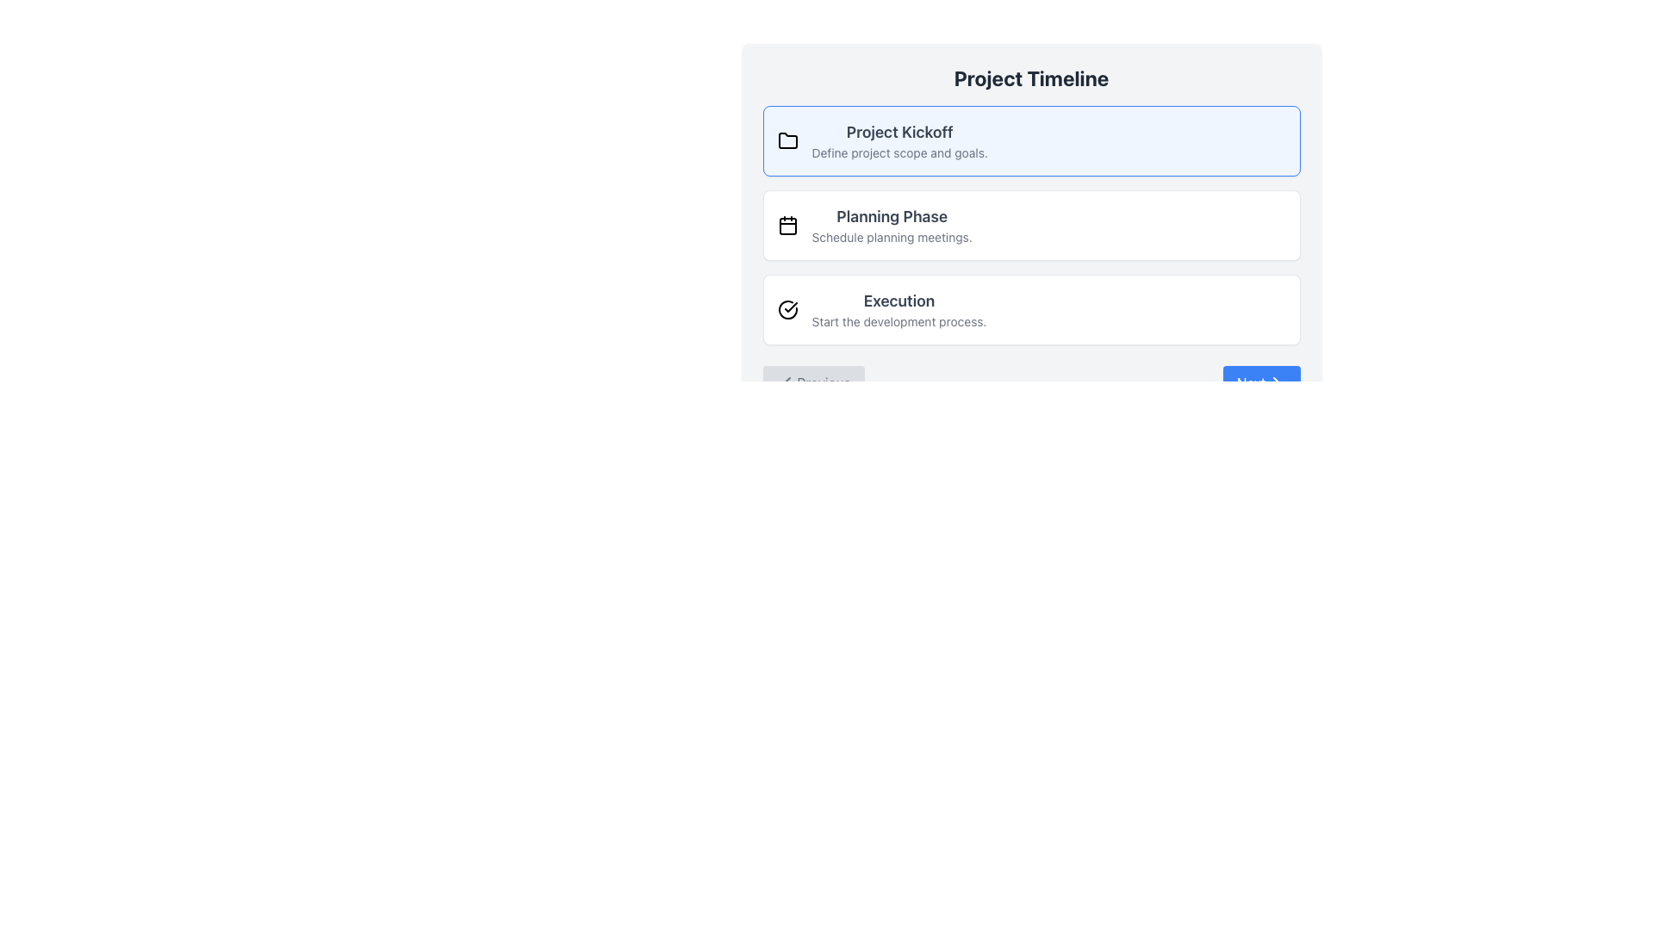 The width and height of the screenshot is (1654, 930). Describe the element at coordinates (789, 307) in the screenshot. I see `the checkmark icon that indicates the status or type of the Execution phase within the Project Timeline` at that location.